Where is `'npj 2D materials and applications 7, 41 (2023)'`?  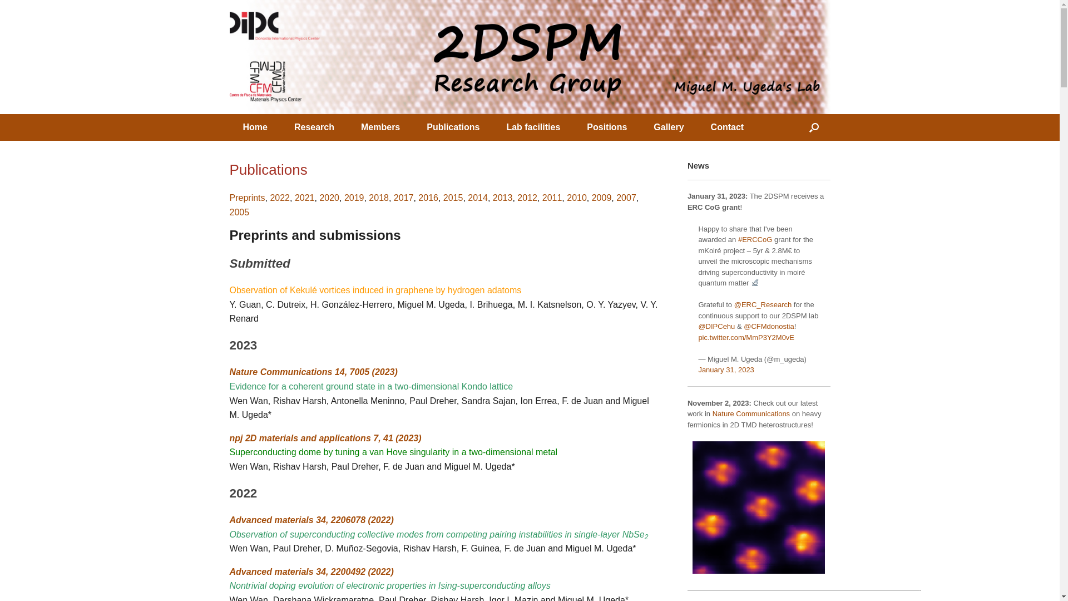
'npj 2D materials and applications 7, 41 (2023)' is located at coordinates (324, 437).